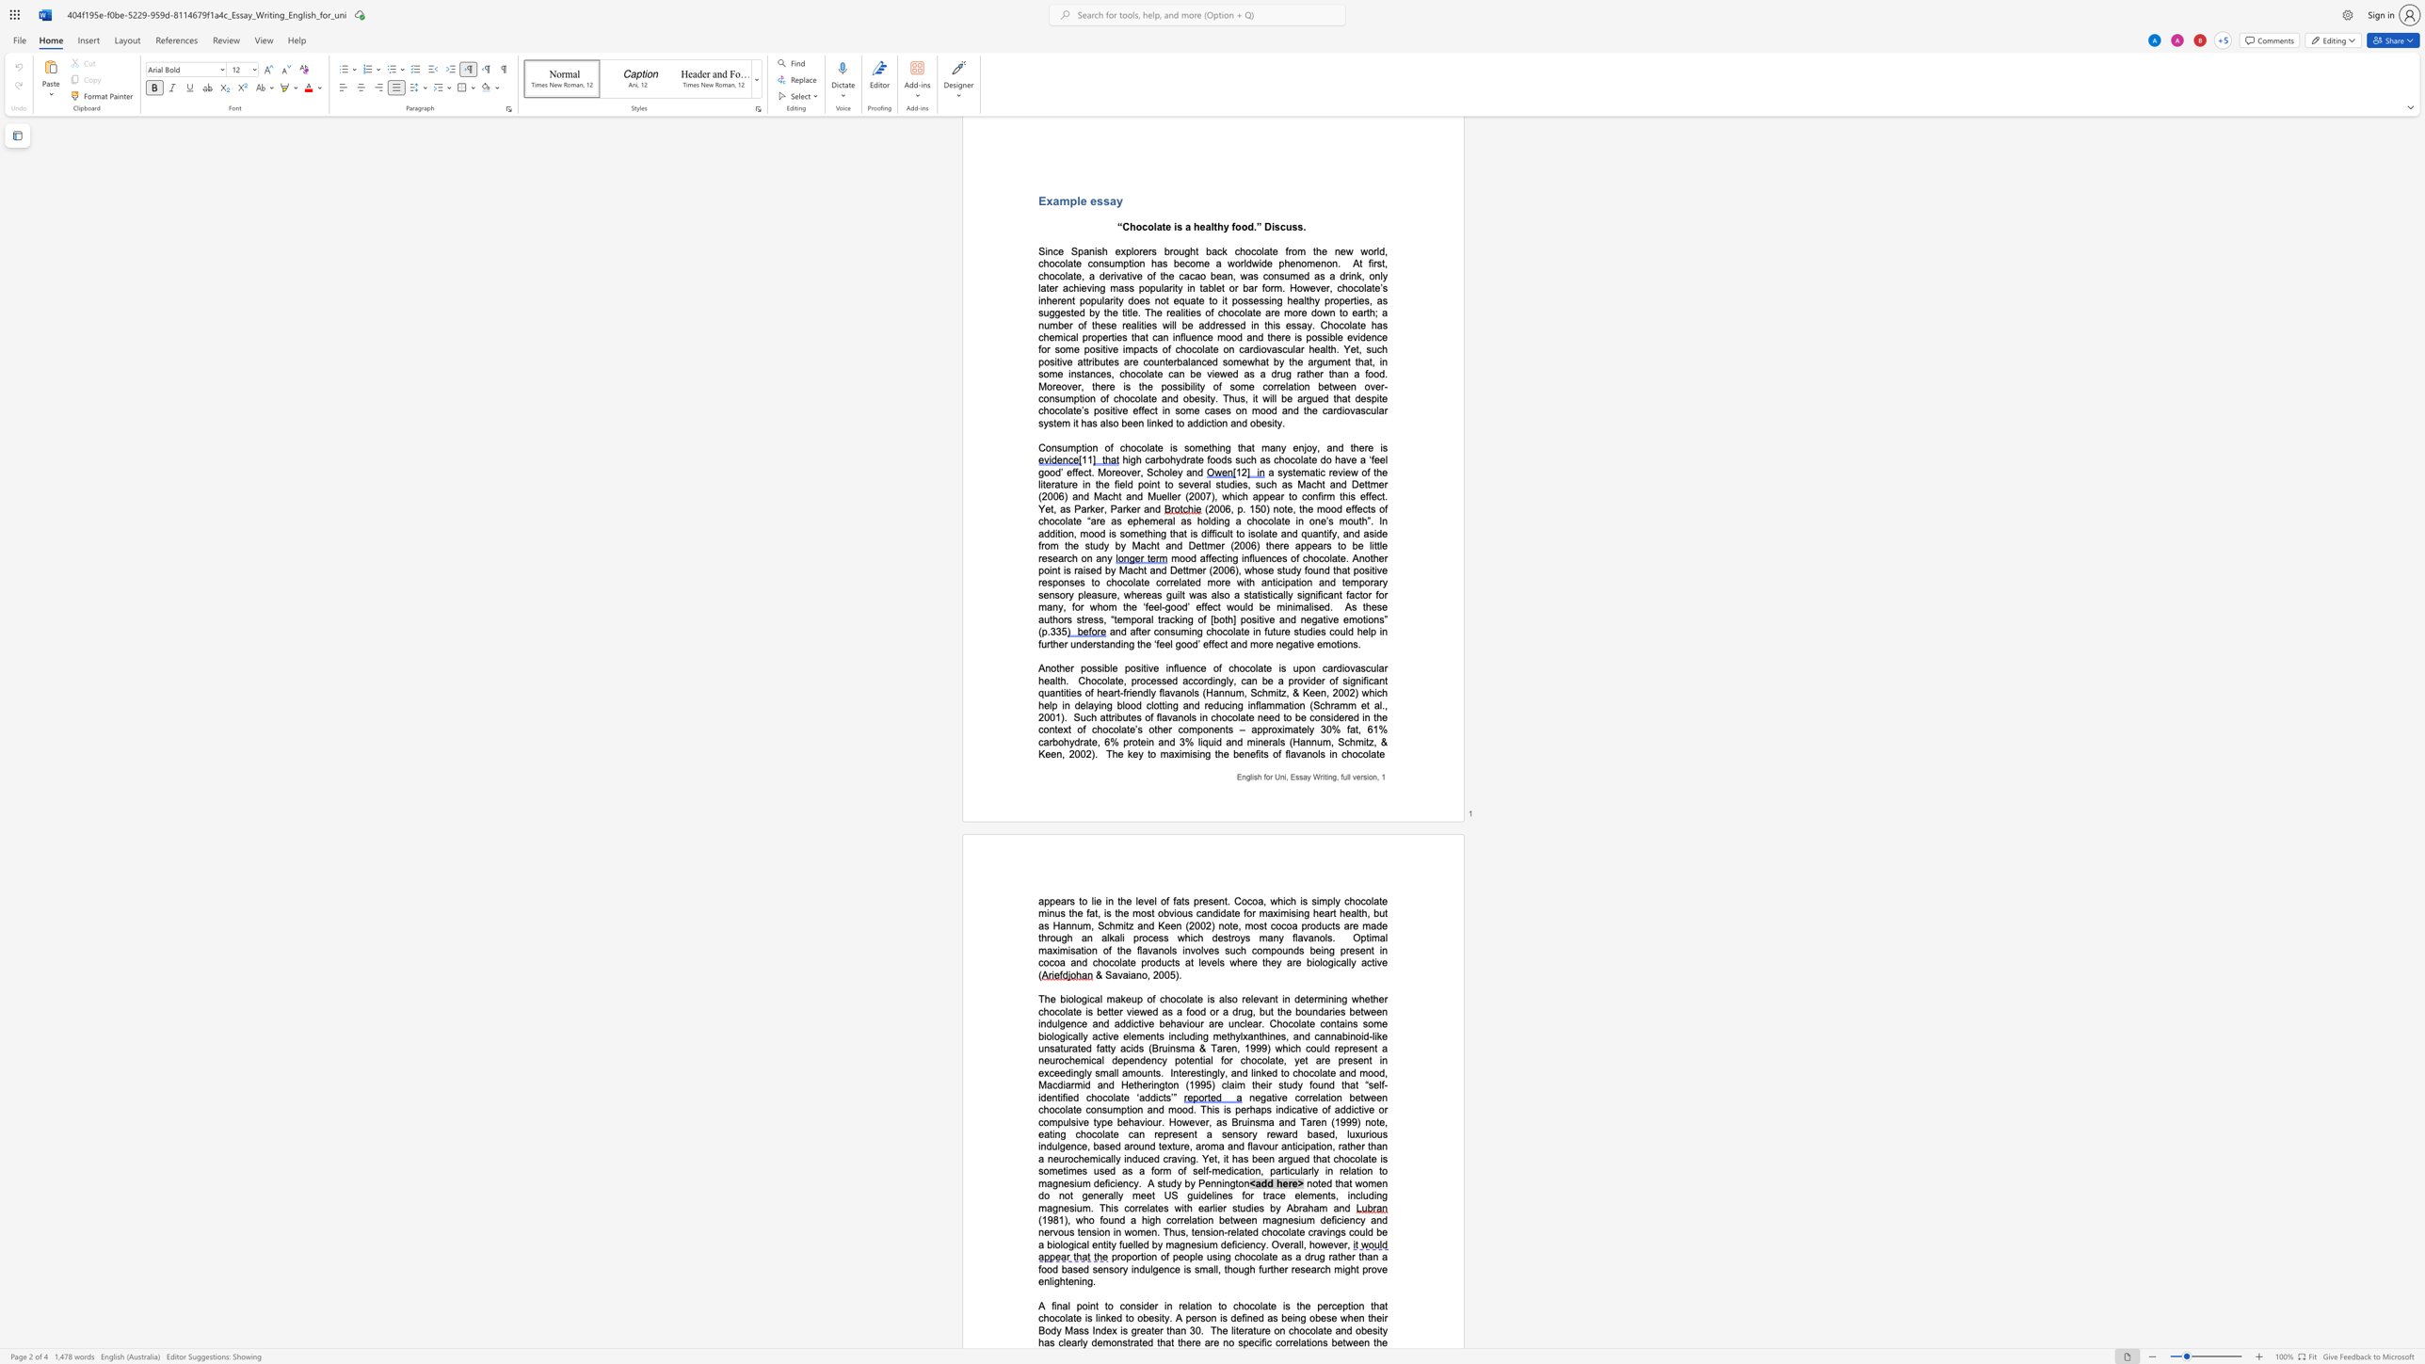  I want to click on the space between the continuous character "s" and "i" in the text, so click(1375, 1329).